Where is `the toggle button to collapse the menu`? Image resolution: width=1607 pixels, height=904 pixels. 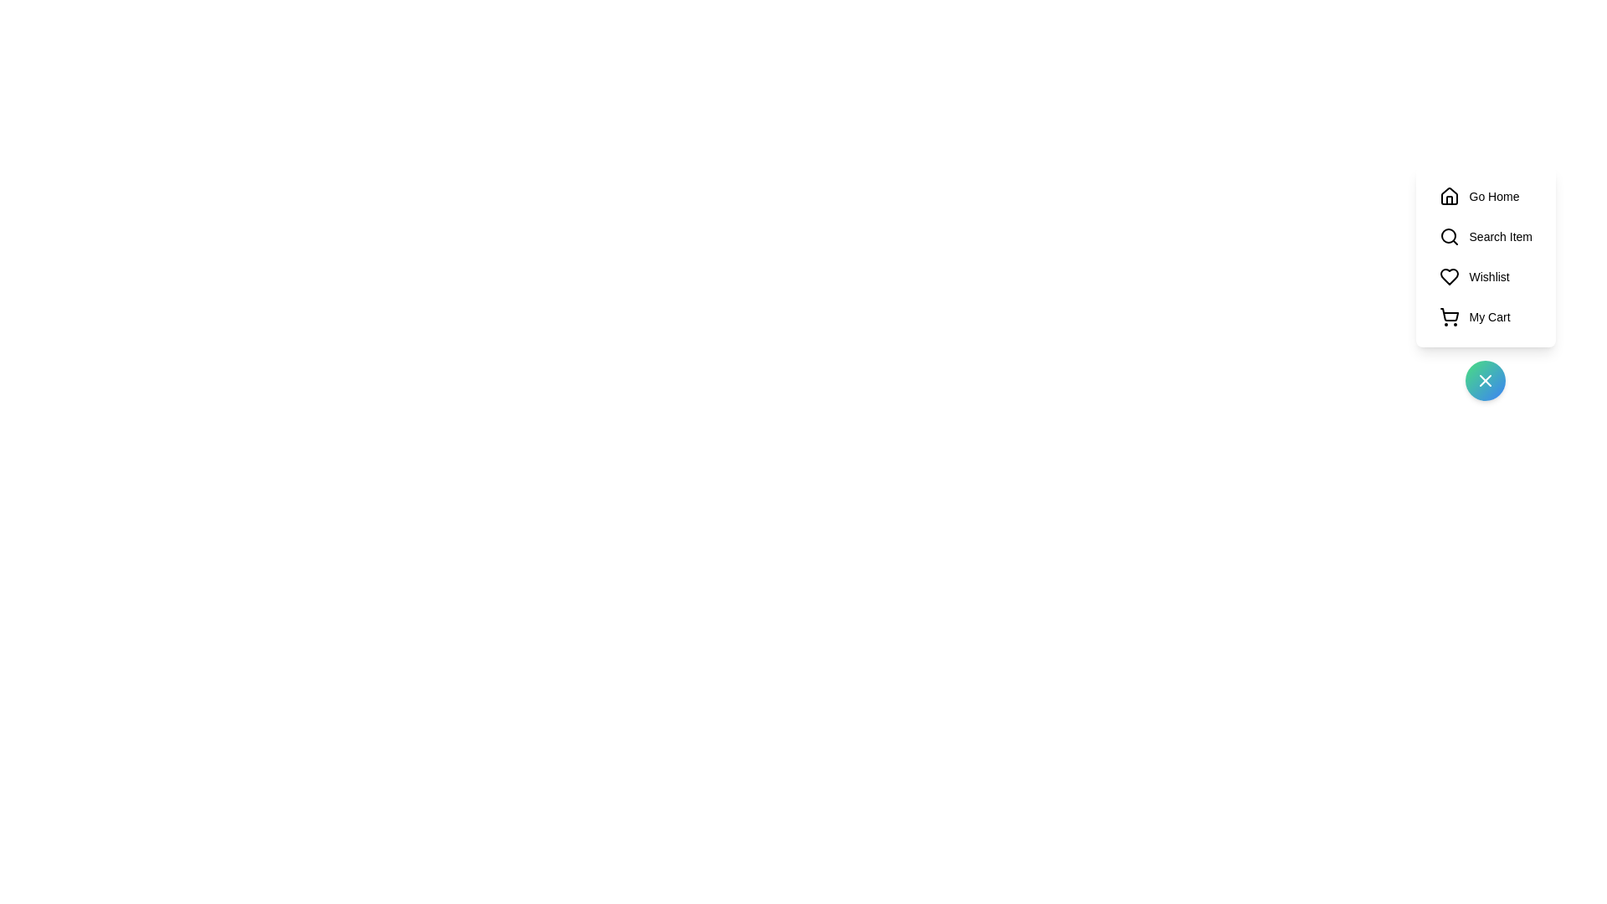 the toggle button to collapse the menu is located at coordinates (1486, 381).